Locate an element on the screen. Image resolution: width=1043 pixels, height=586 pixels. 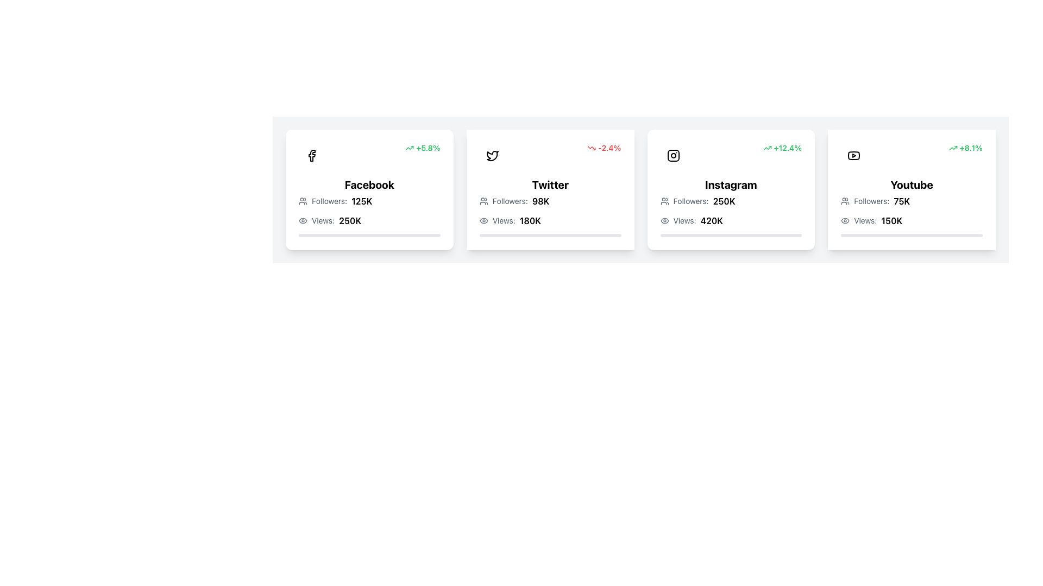
the views icon located in the Instagram section is located at coordinates (664, 220).